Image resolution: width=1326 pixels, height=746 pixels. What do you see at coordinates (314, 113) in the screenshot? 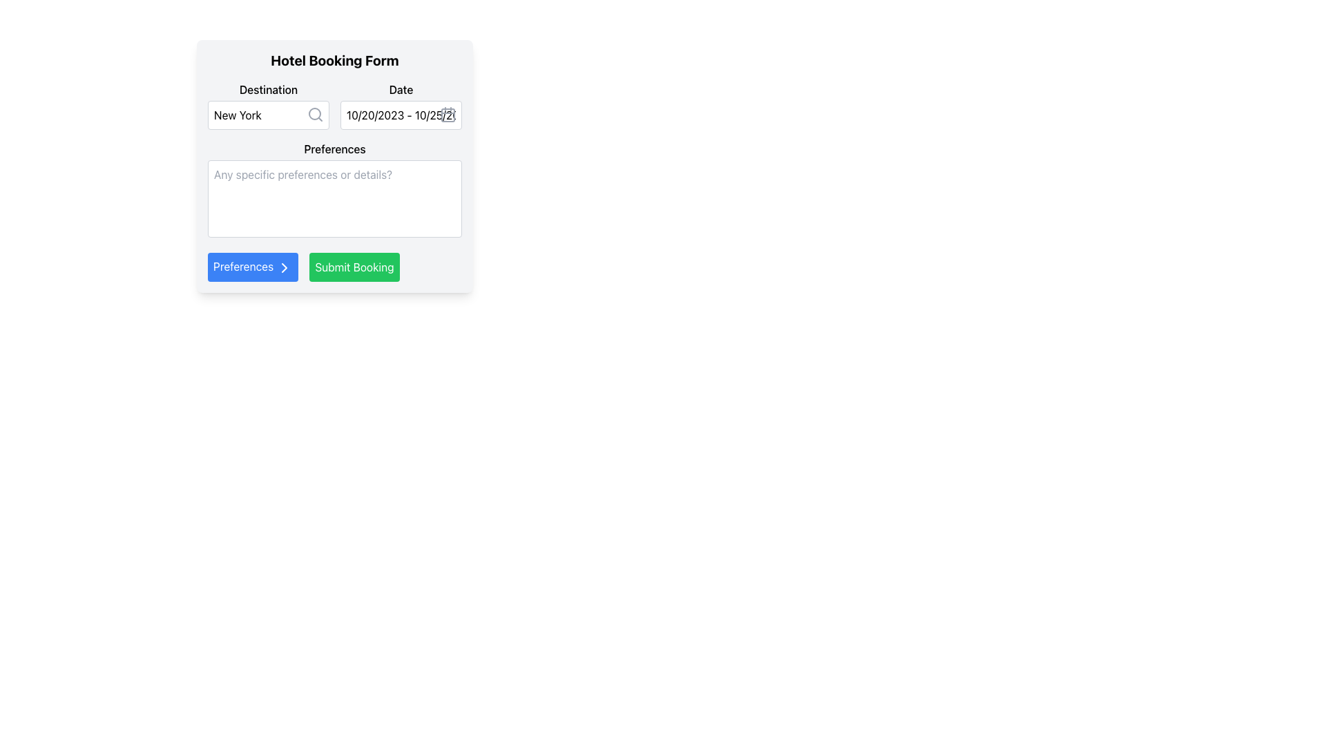
I see `the search icon located near the top-right inside edge of the 'Destination' input box to initiate a search action` at bounding box center [314, 113].